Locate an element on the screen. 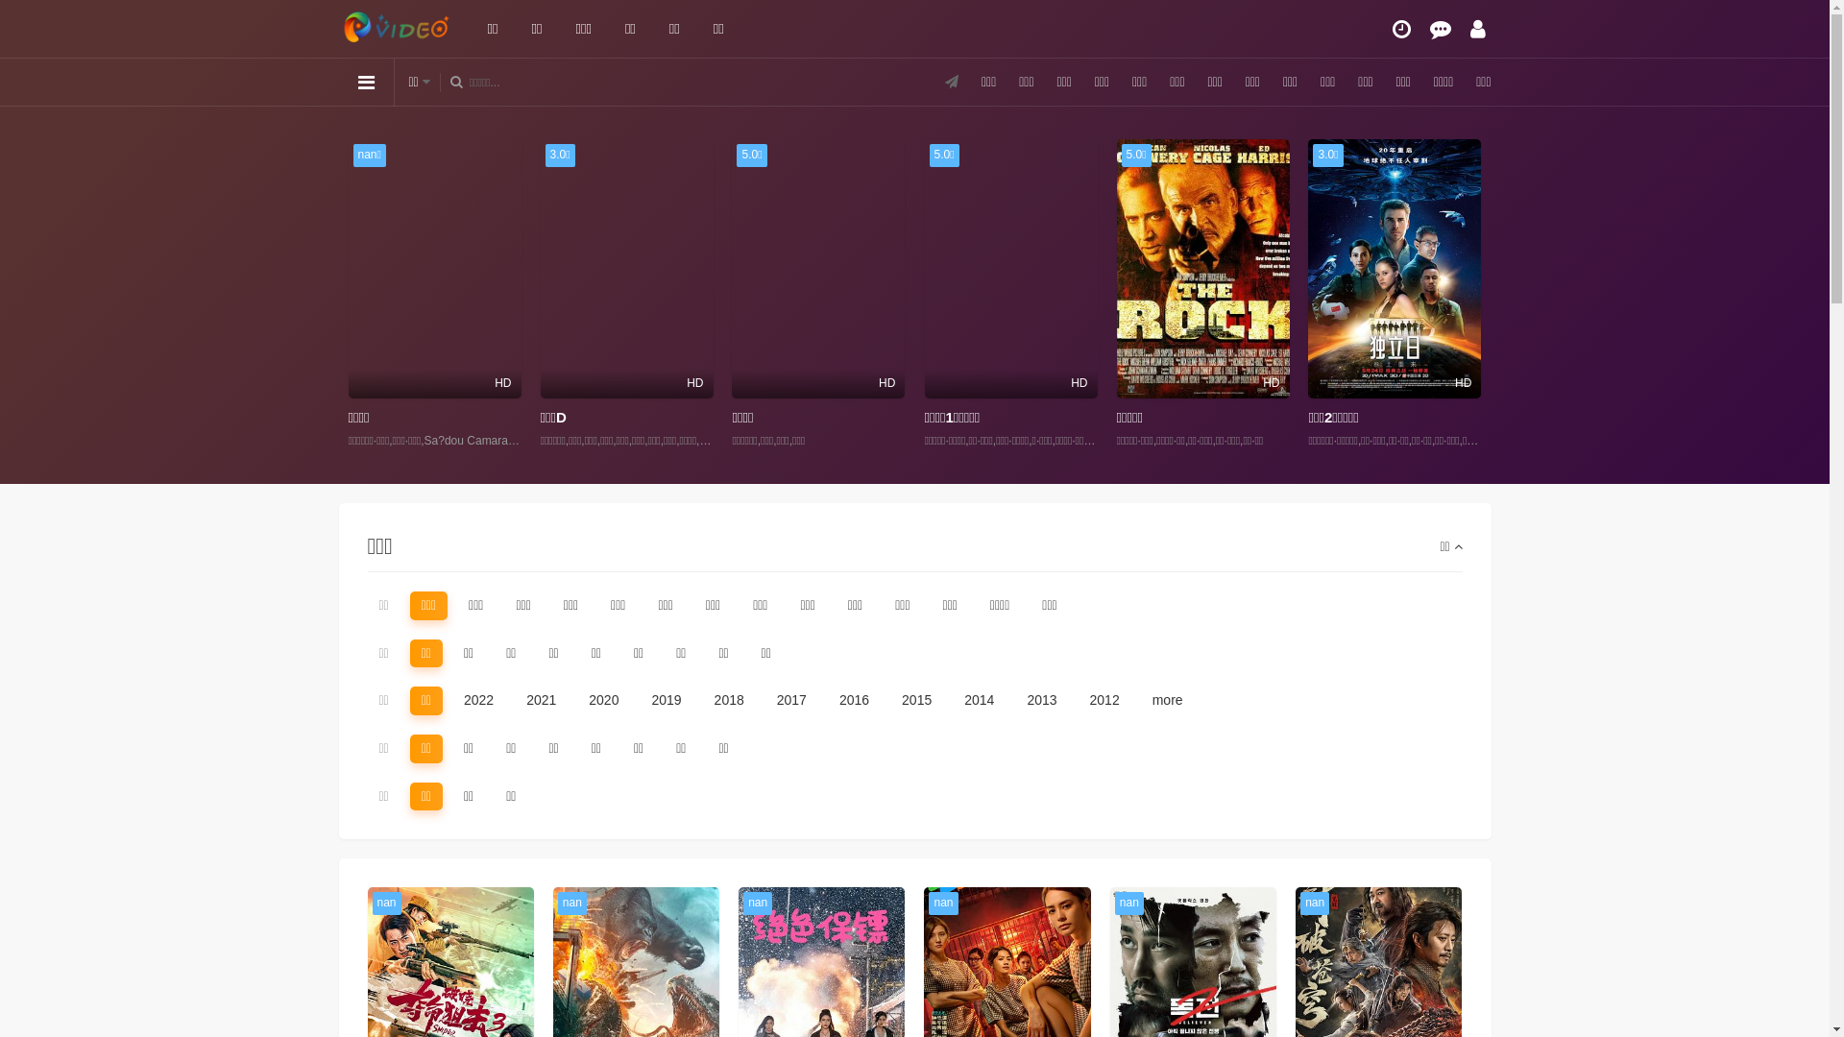 The height and width of the screenshot is (1037, 1844). '2012' is located at coordinates (1104, 700).